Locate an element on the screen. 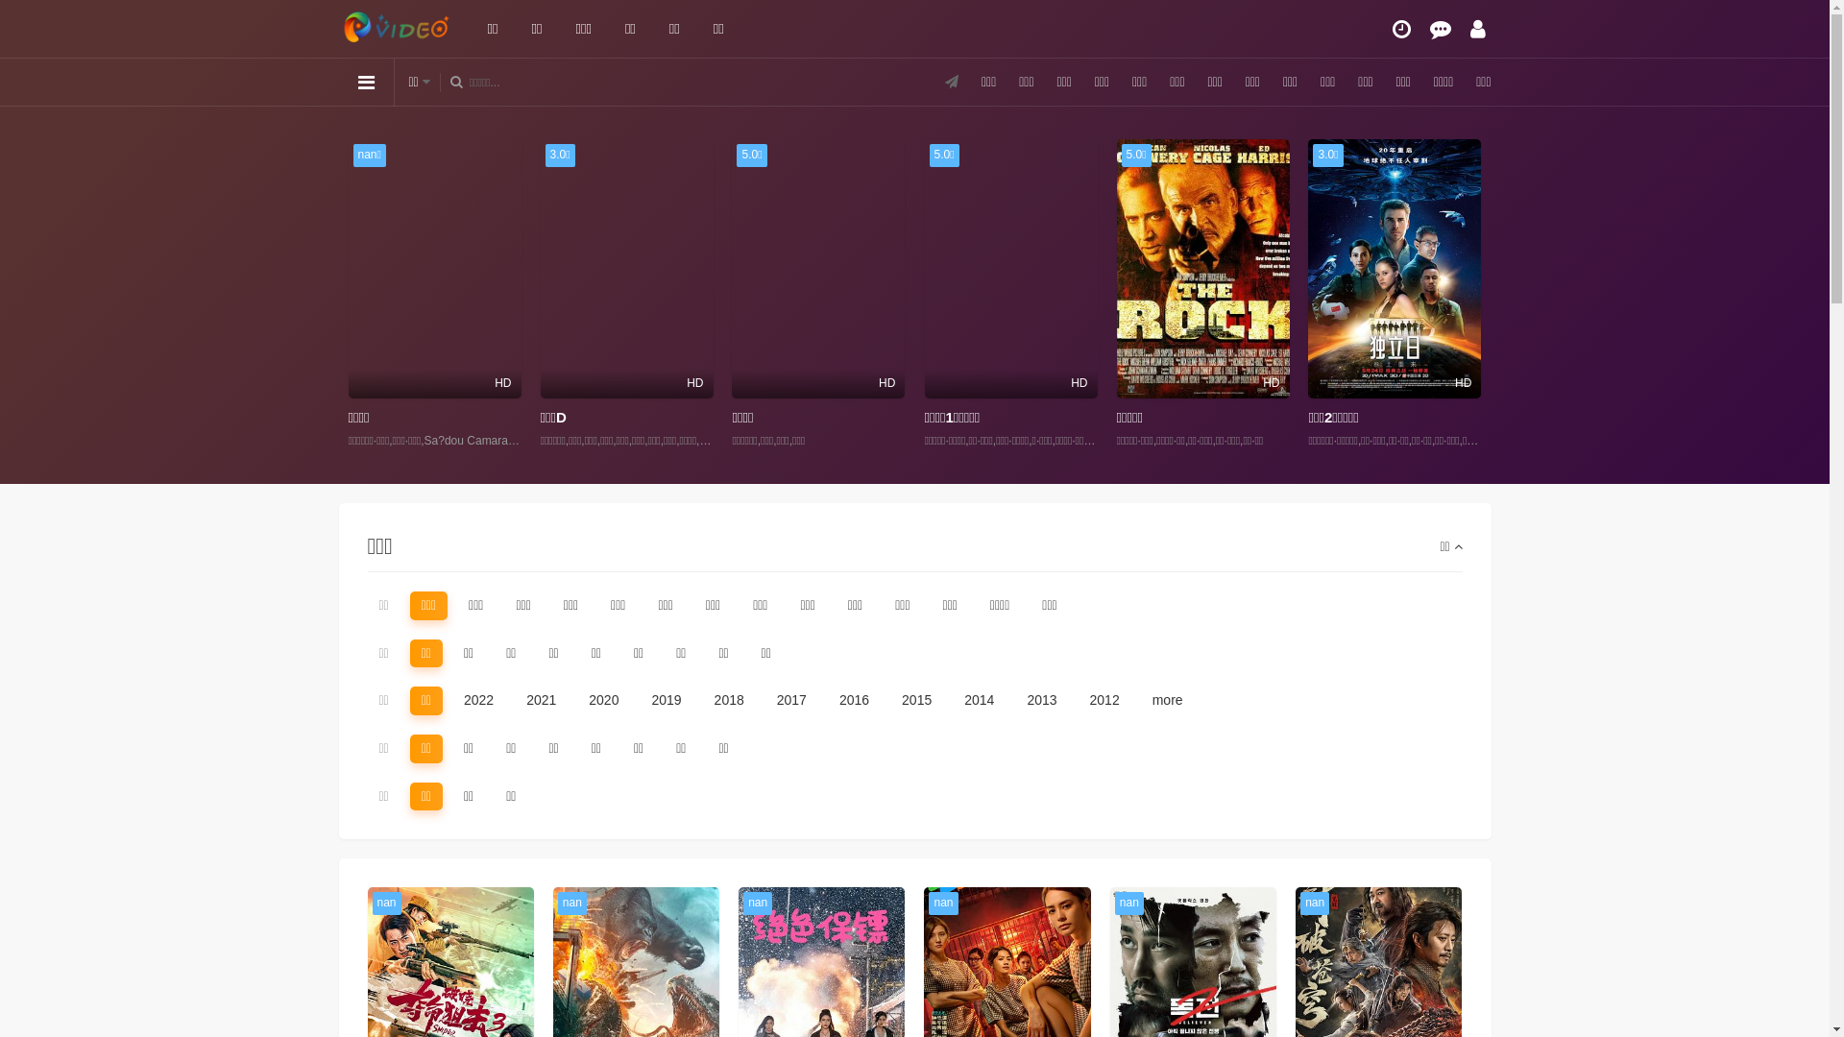 The height and width of the screenshot is (1037, 1844). '2012' is located at coordinates (1104, 700).